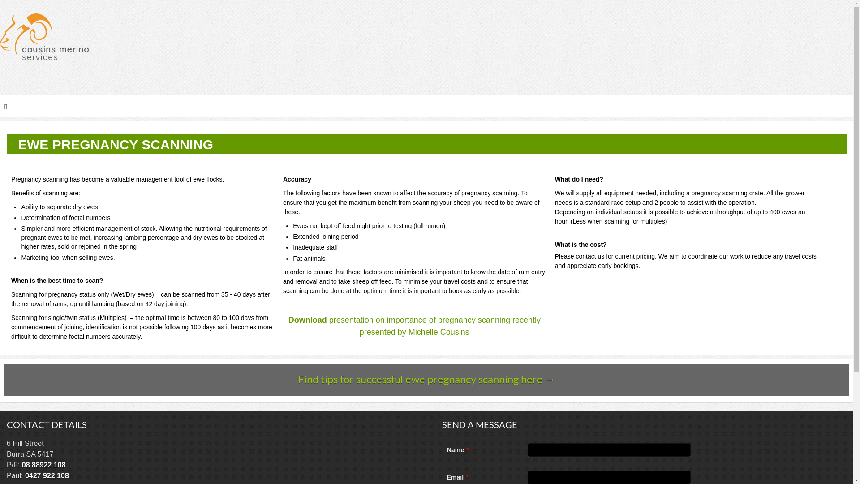  Describe the element at coordinates (307, 319) in the screenshot. I see `'Download'` at that location.